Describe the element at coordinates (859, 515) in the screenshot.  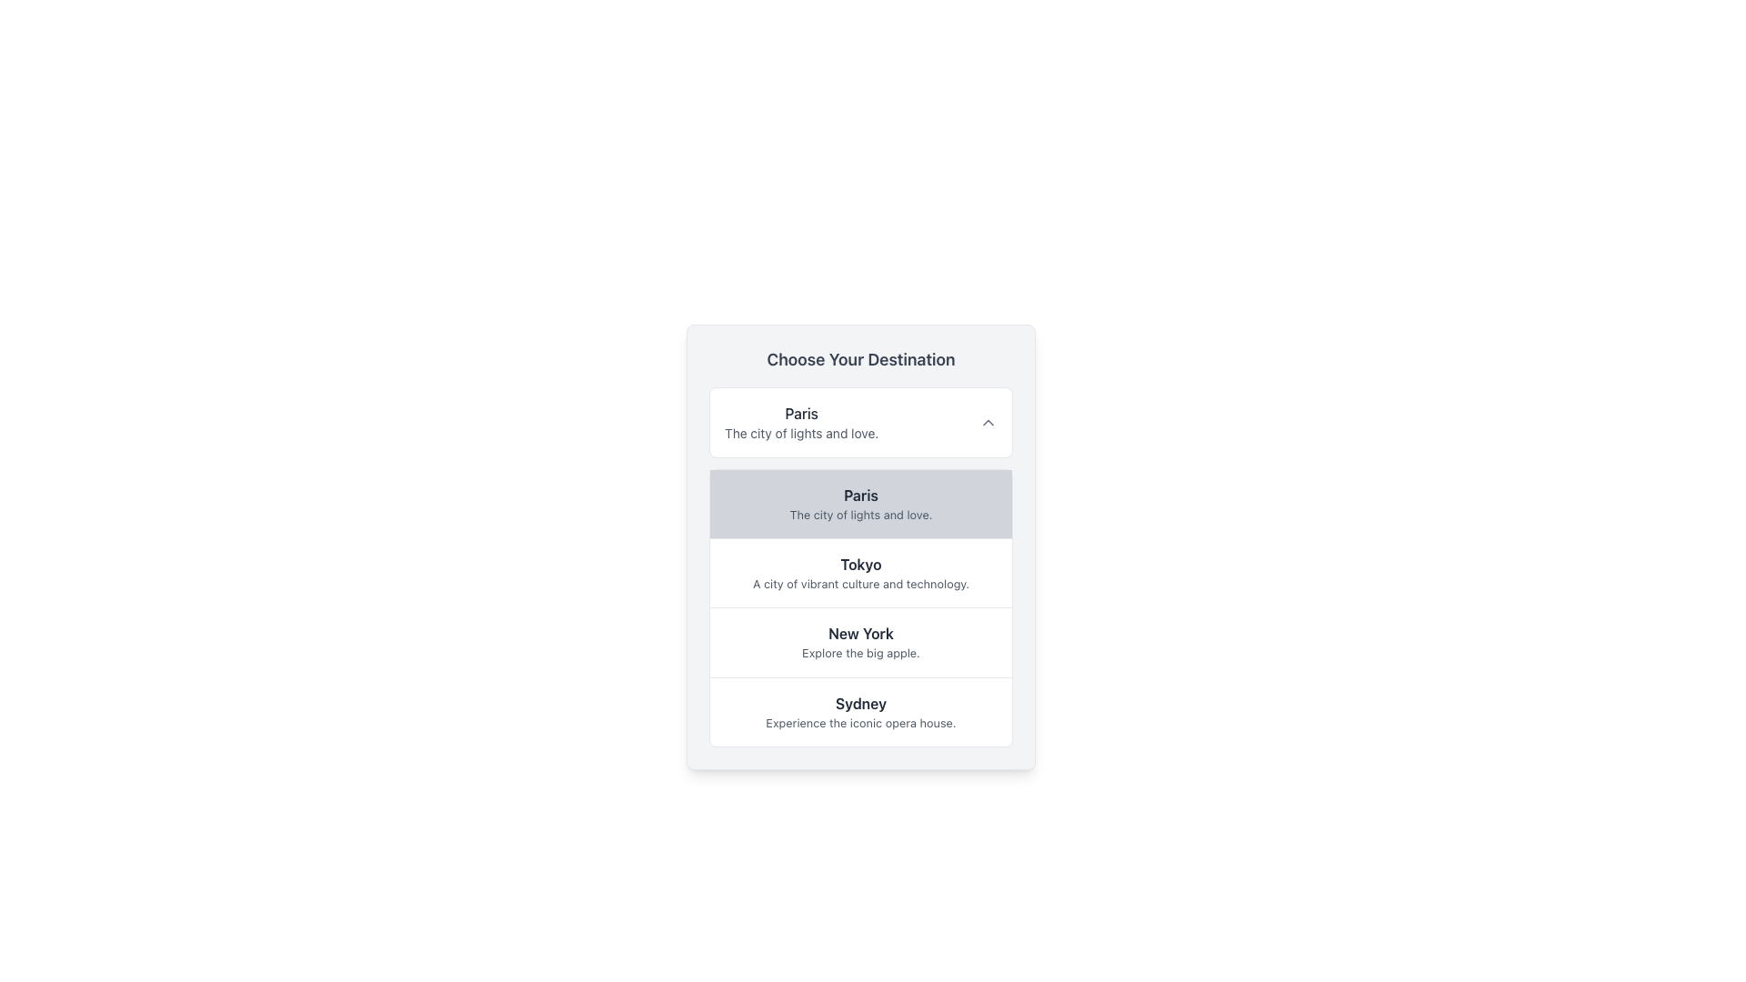
I see `the text label displaying 'The city of lights and love.' which is positioned under the title 'Paris' in the destinations list` at that location.